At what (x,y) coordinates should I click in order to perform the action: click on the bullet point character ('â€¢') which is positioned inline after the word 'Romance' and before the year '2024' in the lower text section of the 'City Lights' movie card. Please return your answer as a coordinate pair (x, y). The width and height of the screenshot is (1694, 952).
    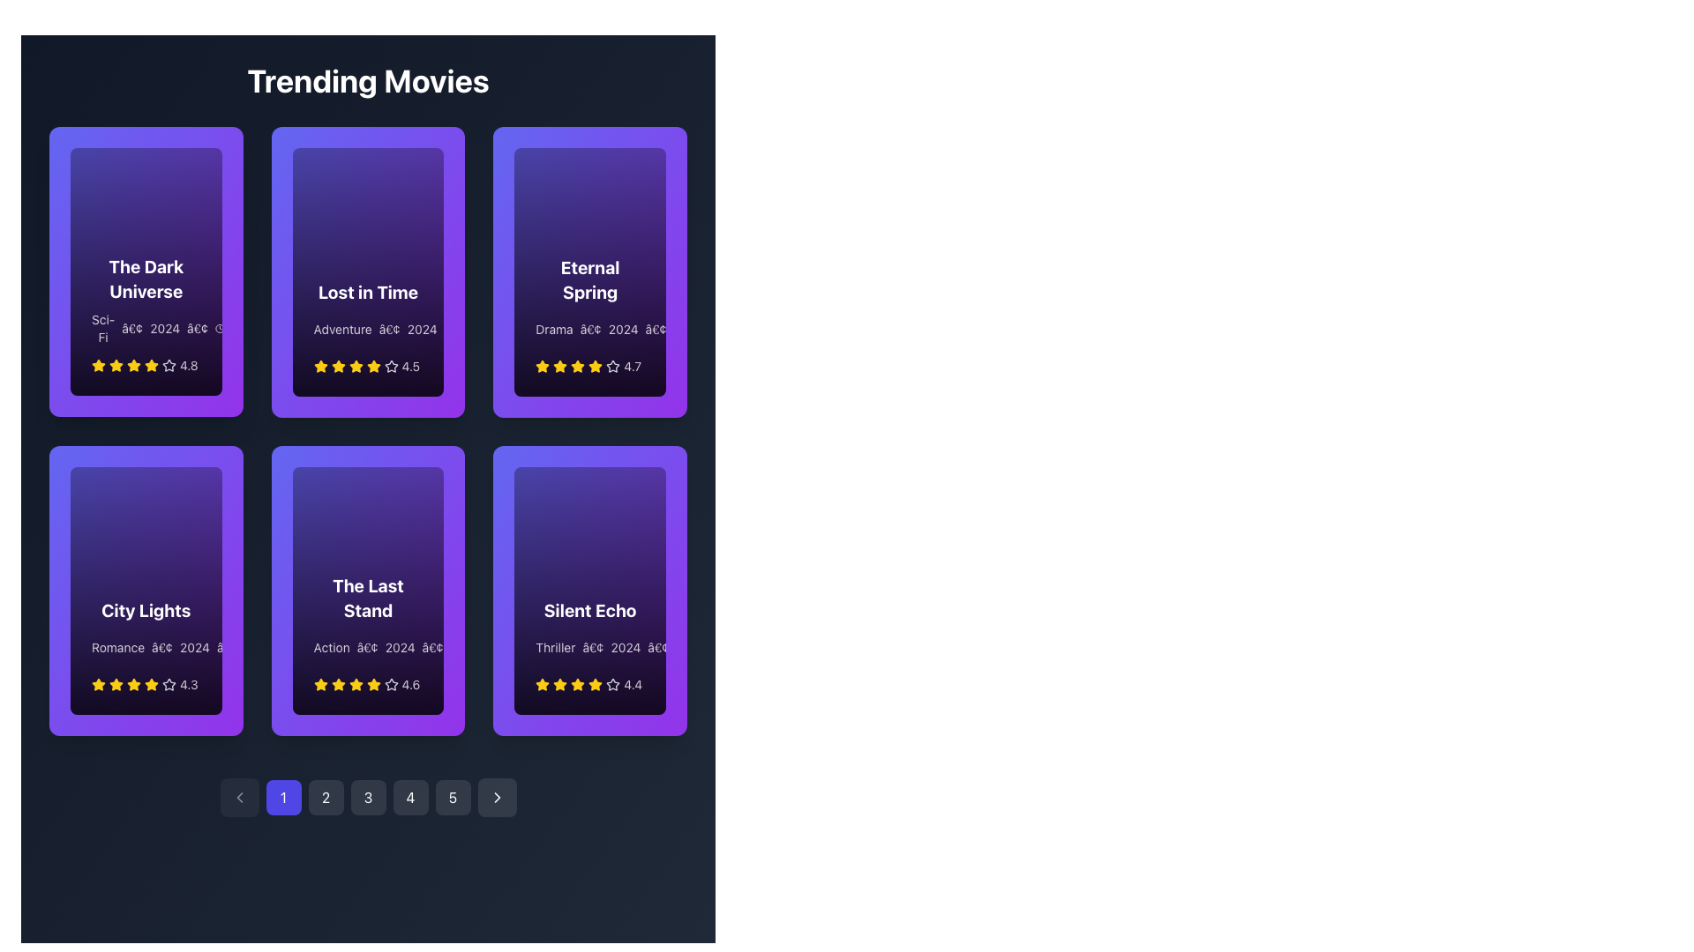
    Looking at the image, I should click on (162, 647).